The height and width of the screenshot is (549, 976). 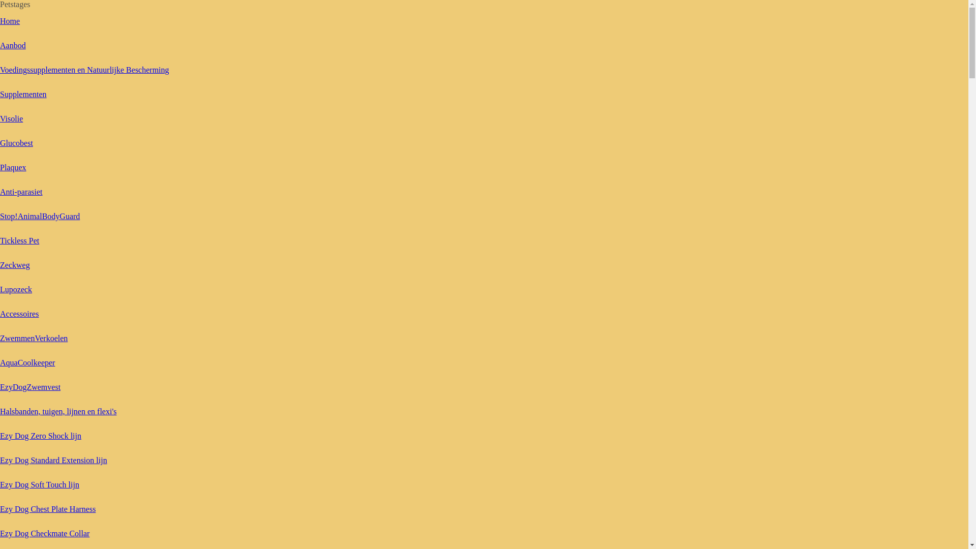 I want to click on 'Glucobest', so click(x=16, y=143).